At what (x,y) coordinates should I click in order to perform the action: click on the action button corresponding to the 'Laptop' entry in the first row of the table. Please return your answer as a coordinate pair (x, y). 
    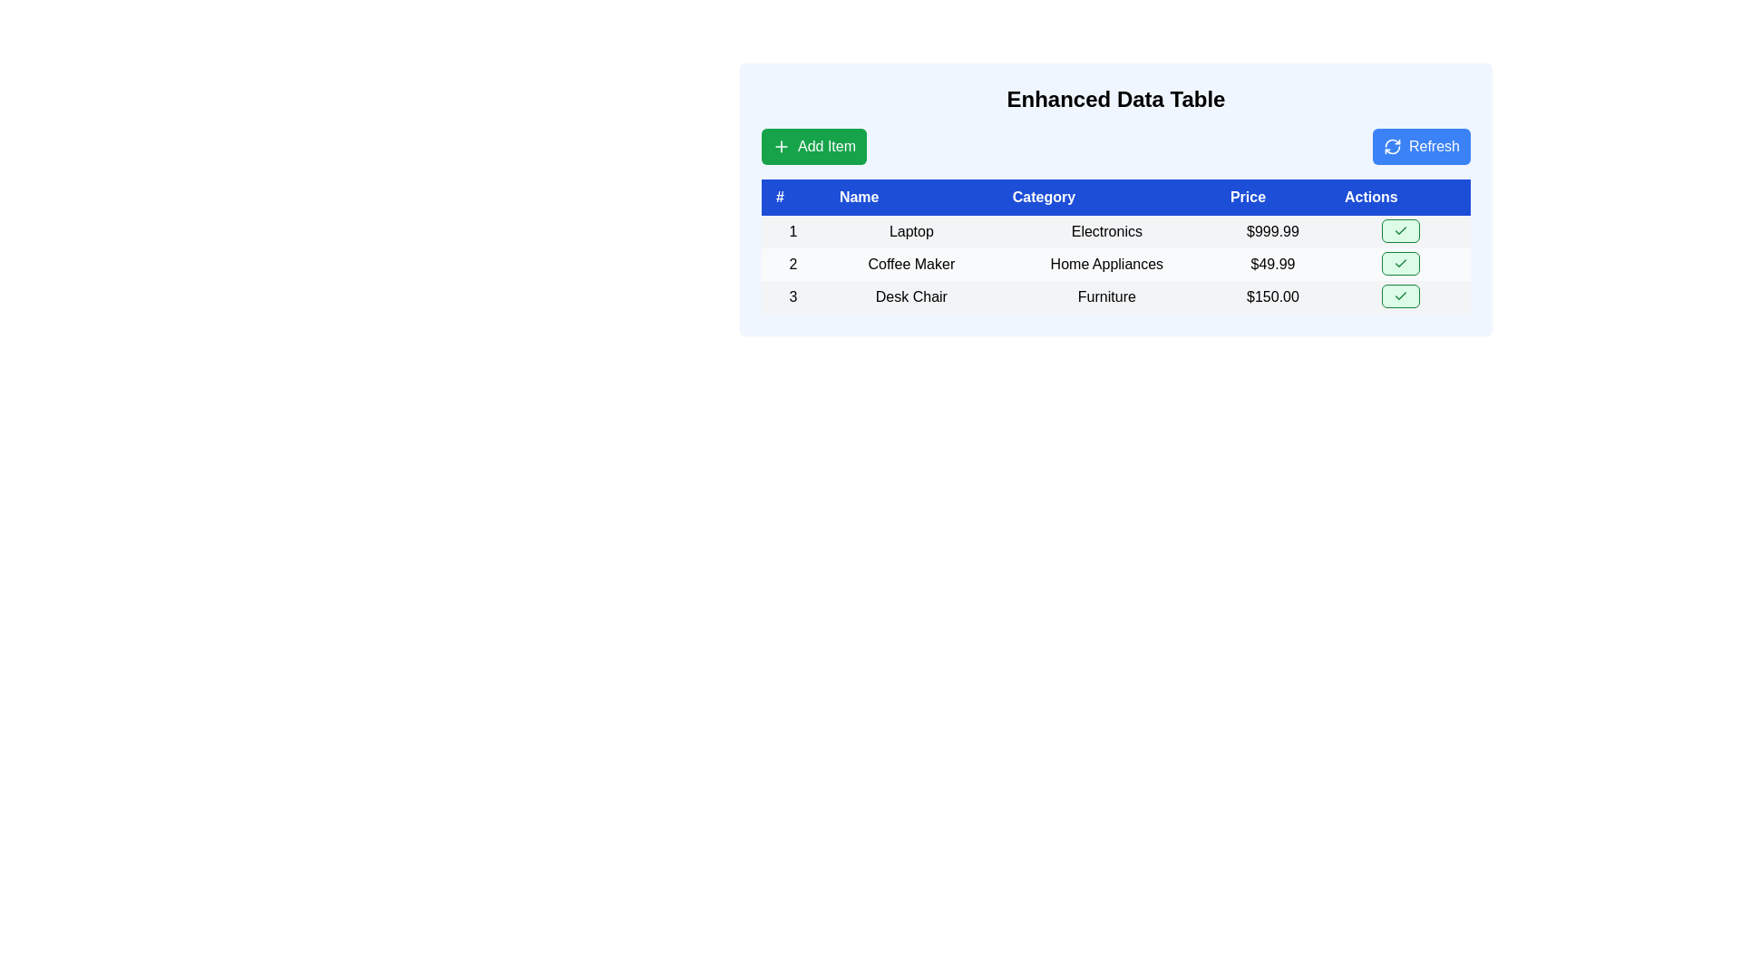
    Looking at the image, I should click on (1399, 230).